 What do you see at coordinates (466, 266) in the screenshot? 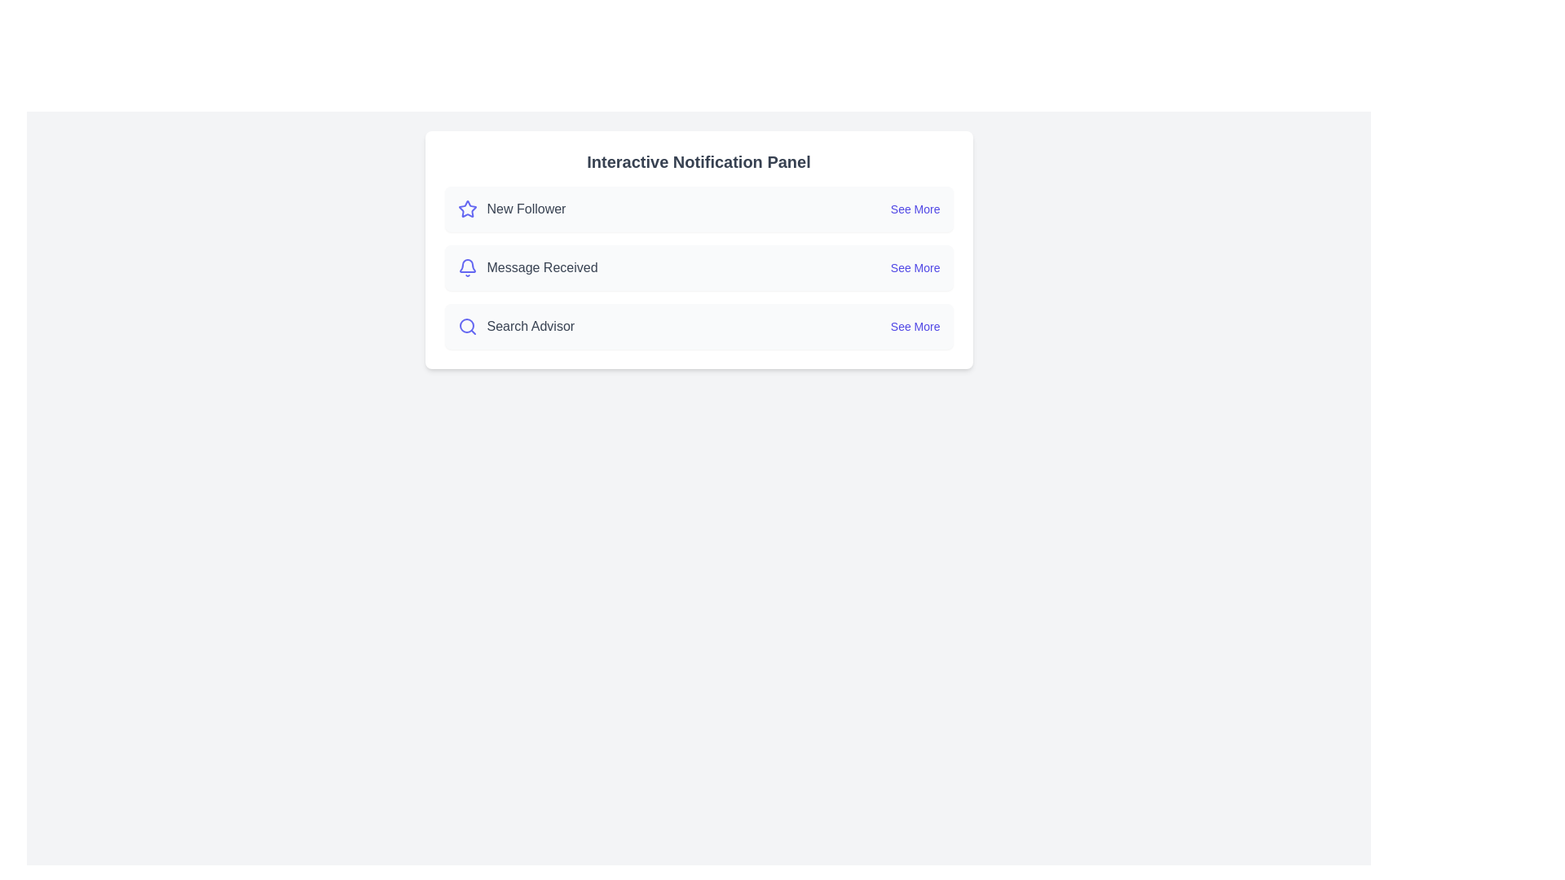
I see `the notification bell icon with rounded geometry and indigo color fill located in the second row of the 'Message Received' notification list` at bounding box center [466, 266].